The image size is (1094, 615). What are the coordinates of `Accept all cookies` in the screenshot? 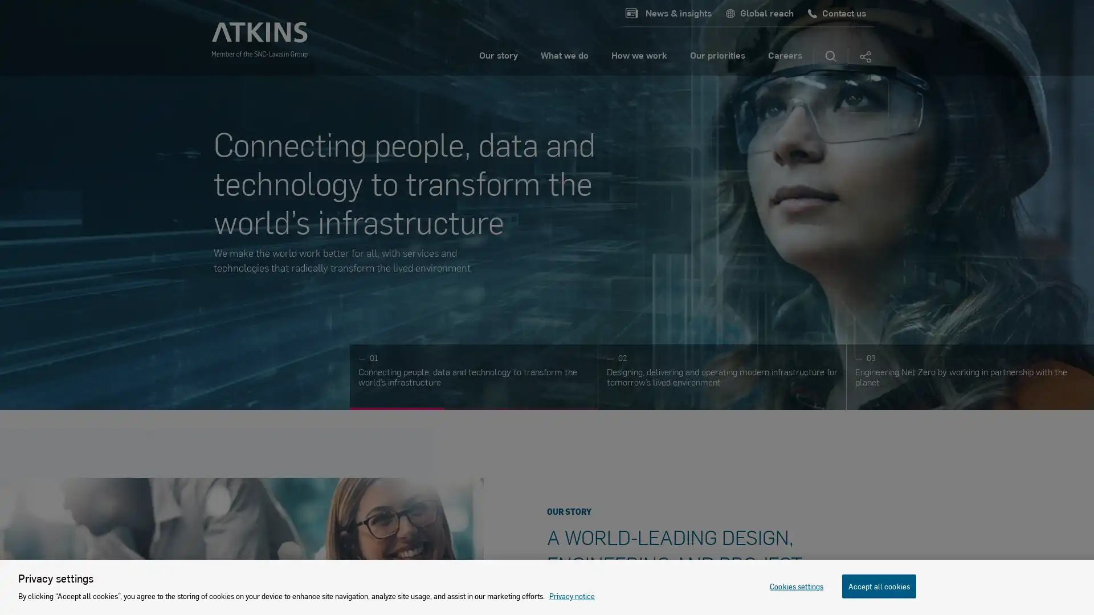 It's located at (878, 586).